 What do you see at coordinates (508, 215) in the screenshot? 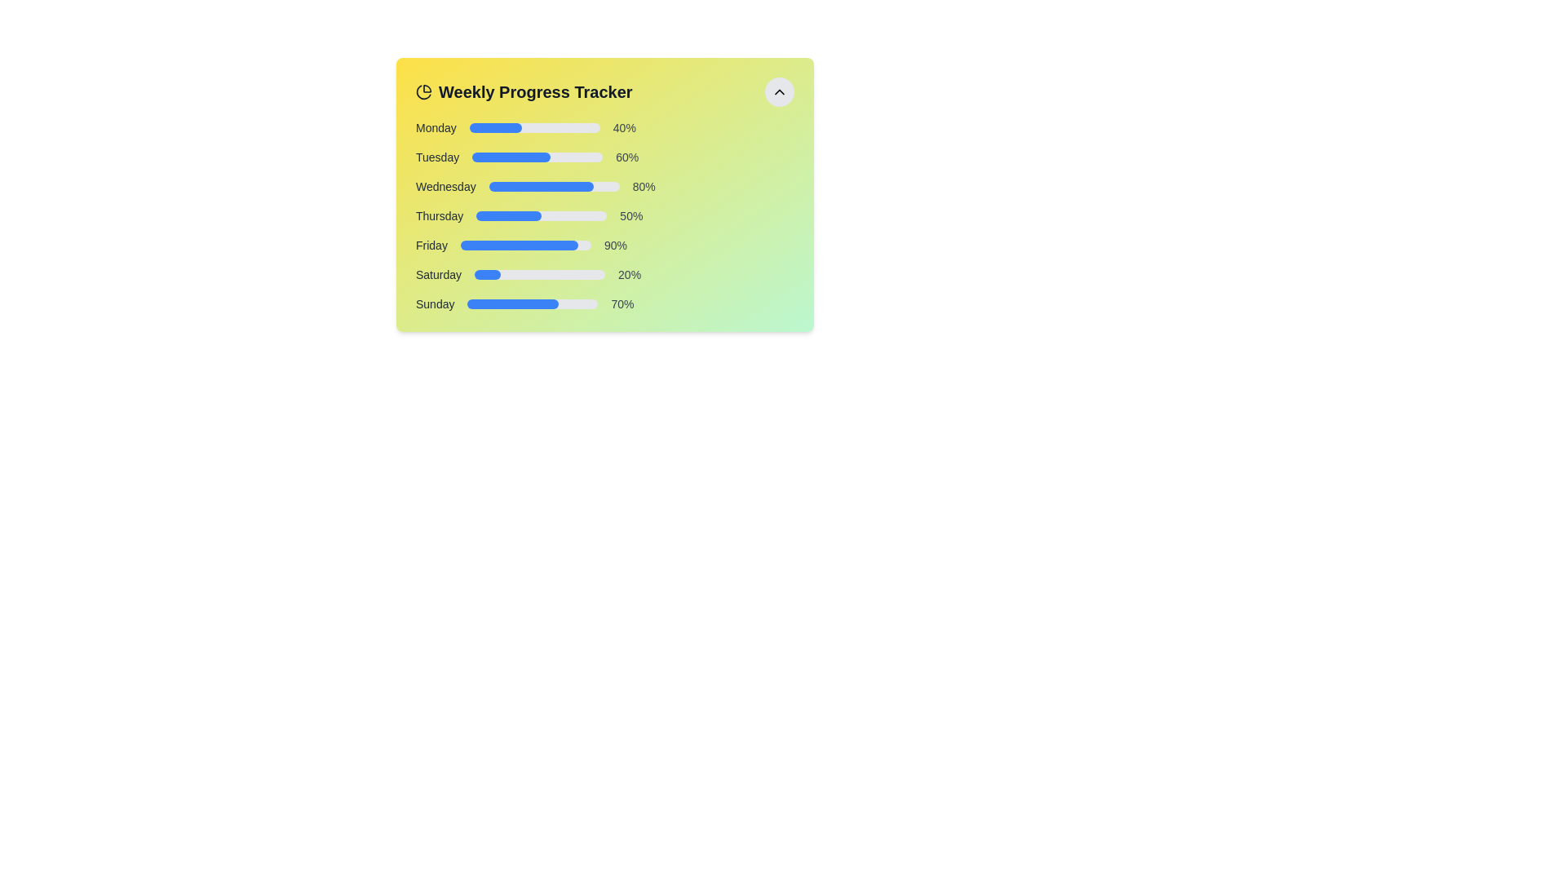
I see `progress bar segment representing 50% progress for Thursday in the weekly progress tracker` at bounding box center [508, 215].